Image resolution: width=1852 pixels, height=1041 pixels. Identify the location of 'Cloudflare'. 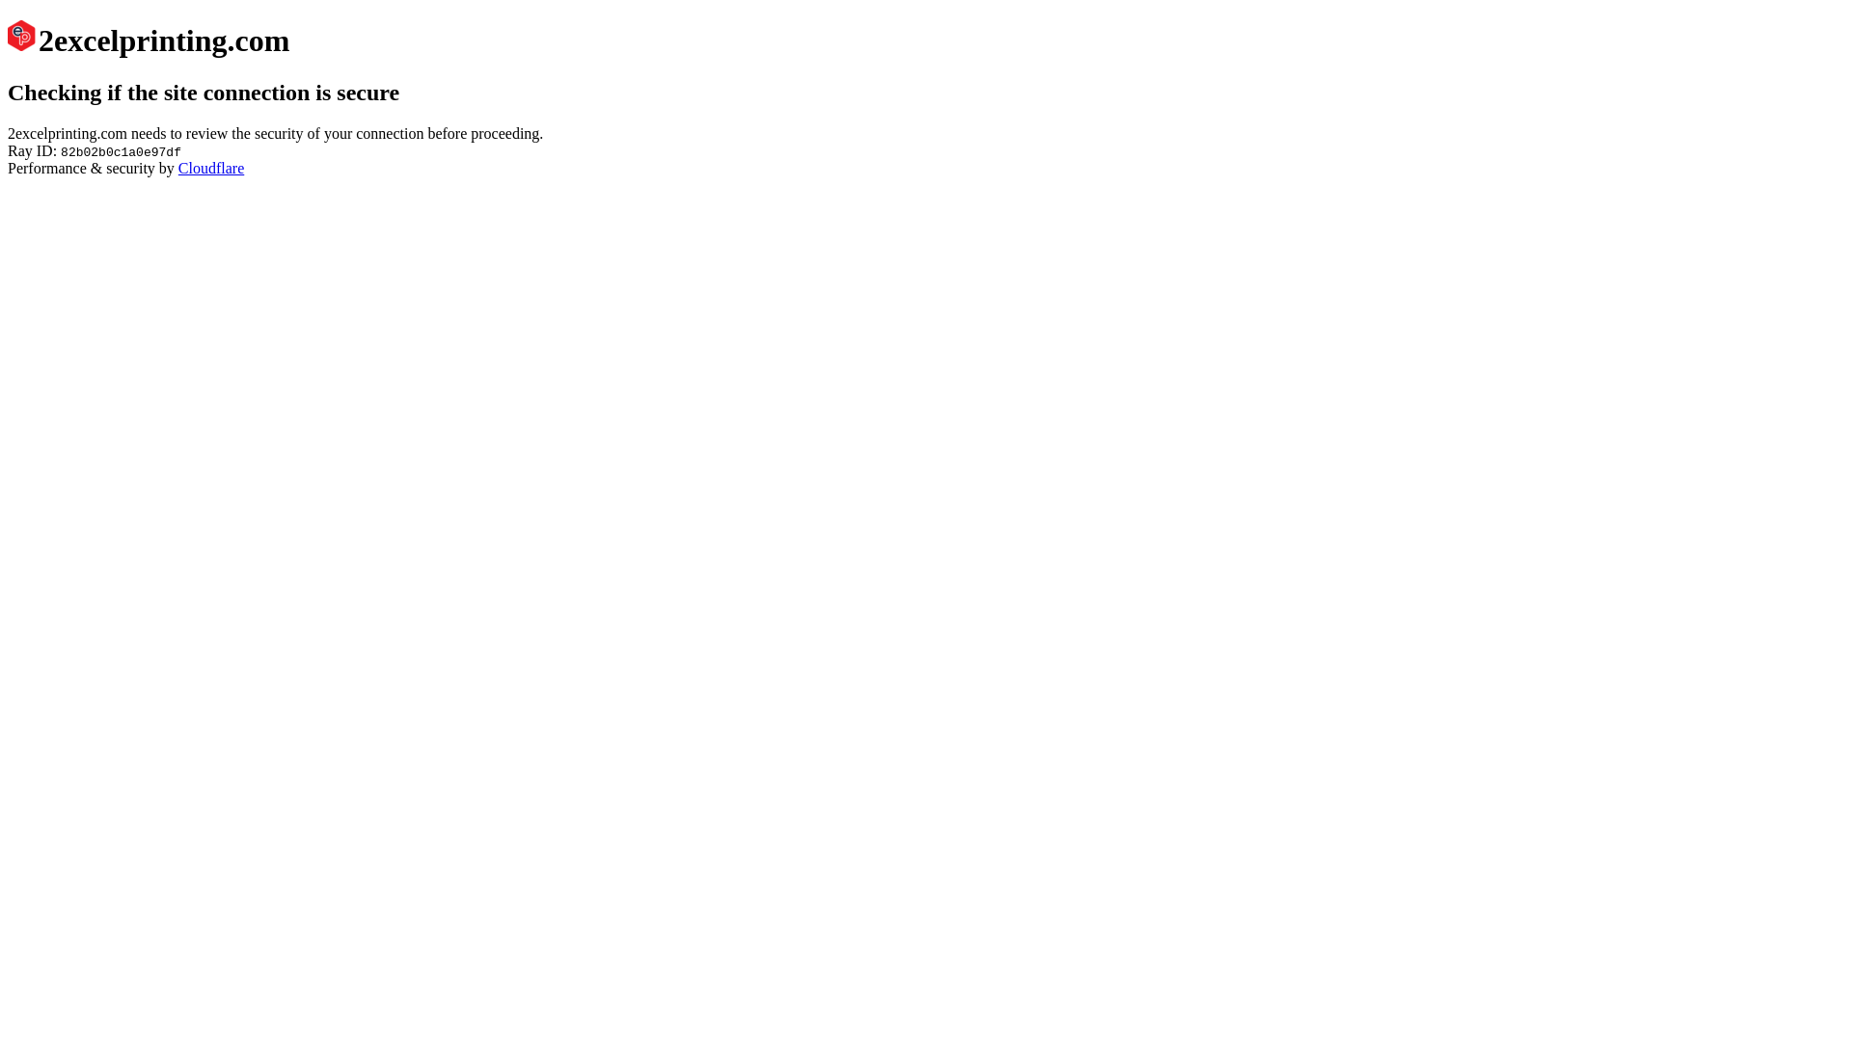
(178, 167).